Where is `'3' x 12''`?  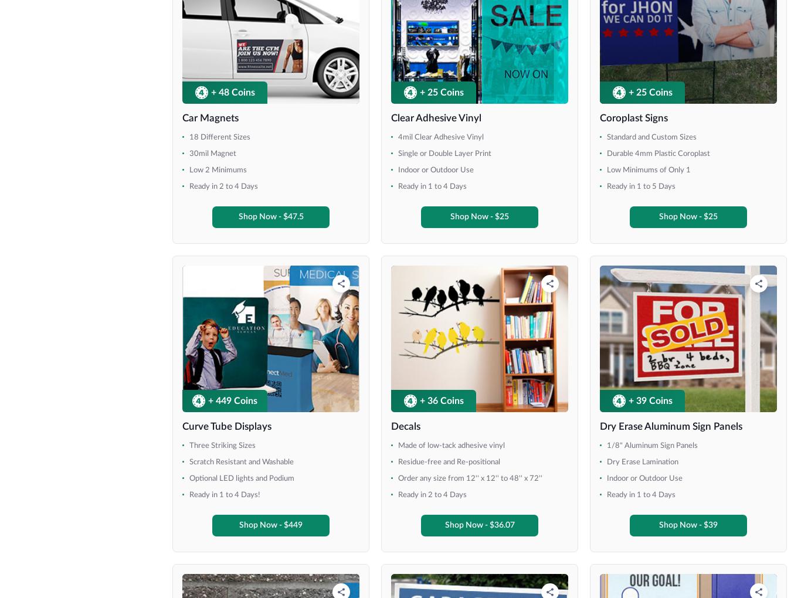
'3' x 12'' is located at coordinates (45, 145).